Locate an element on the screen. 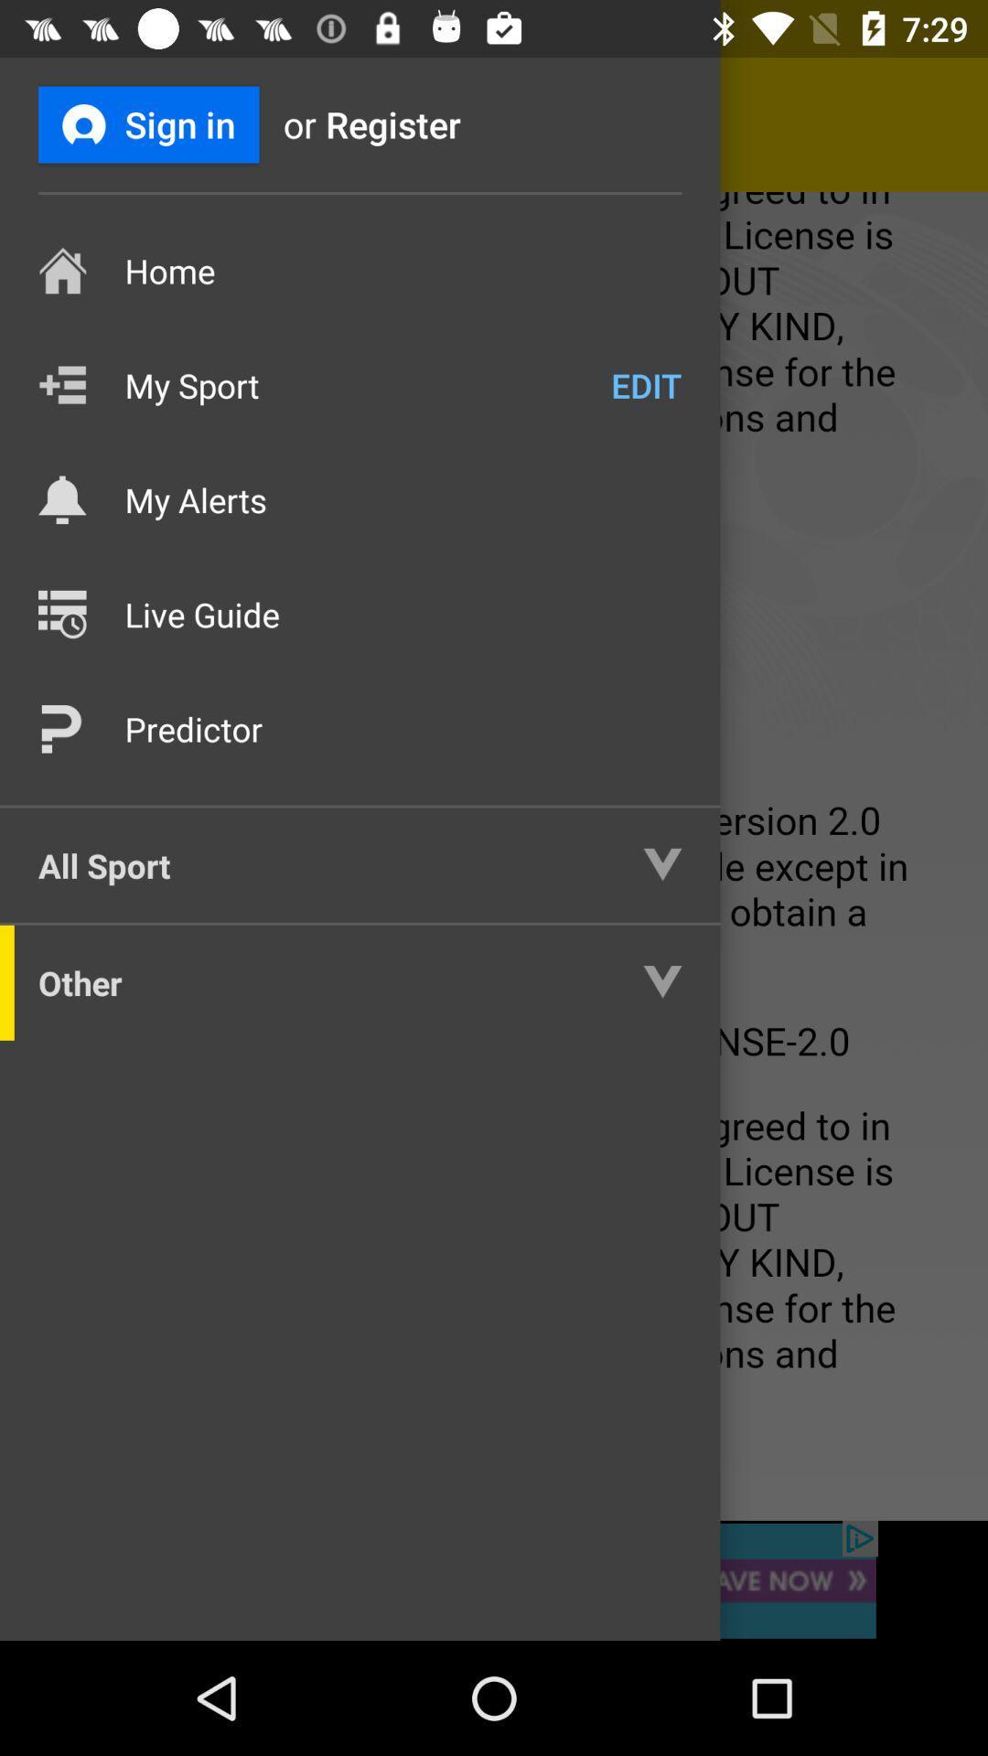 The width and height of the screenshot is (988, 1756). the edit is located at coordinates (645, 384).